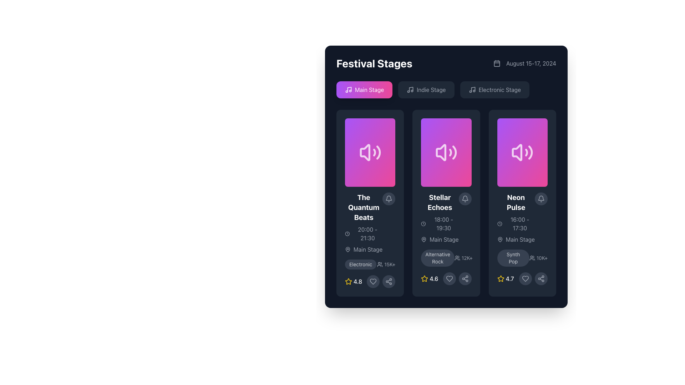 The image size is (685, 385). What do you see at coordinates (389, 281) in the screenshot?
I see `the Icon Button in the bottom-right corner of the 'Stellar Echoes' event card` at bounding box center [389, 281].